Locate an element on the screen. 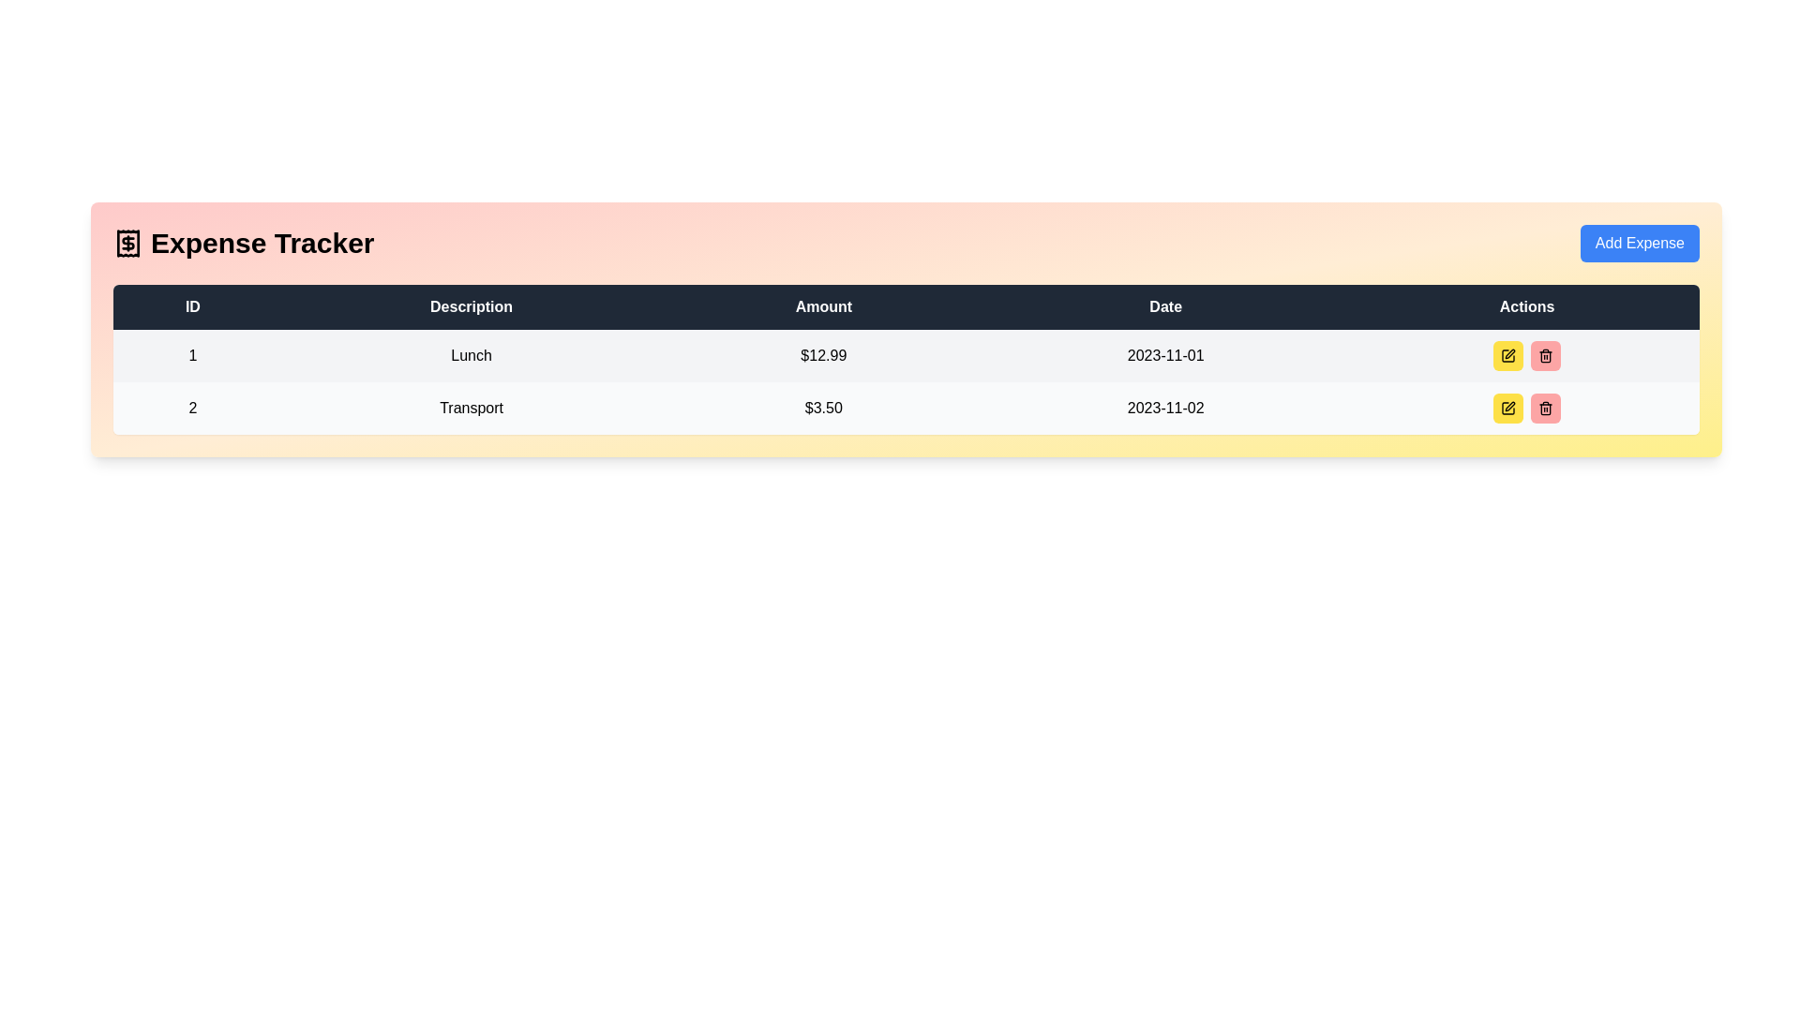 This screenshot has width=1800, height=1012. the small pen or pencil icon with a black outline situated within a yellow background in the 'Actions' column for the second expense entry labeled 'Transport' is located at coordinates (1510, 406).